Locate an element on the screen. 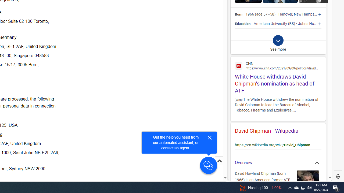 This screenshot has width=344, height=193. 'CNN' is located at coordinates (278, 65).